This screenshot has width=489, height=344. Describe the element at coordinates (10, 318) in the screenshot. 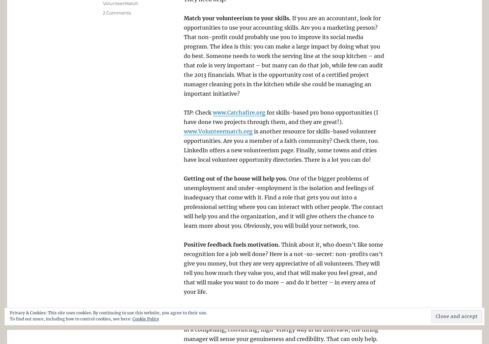

I see `'To find out more, including how to control cookies, see here:'` at that location.